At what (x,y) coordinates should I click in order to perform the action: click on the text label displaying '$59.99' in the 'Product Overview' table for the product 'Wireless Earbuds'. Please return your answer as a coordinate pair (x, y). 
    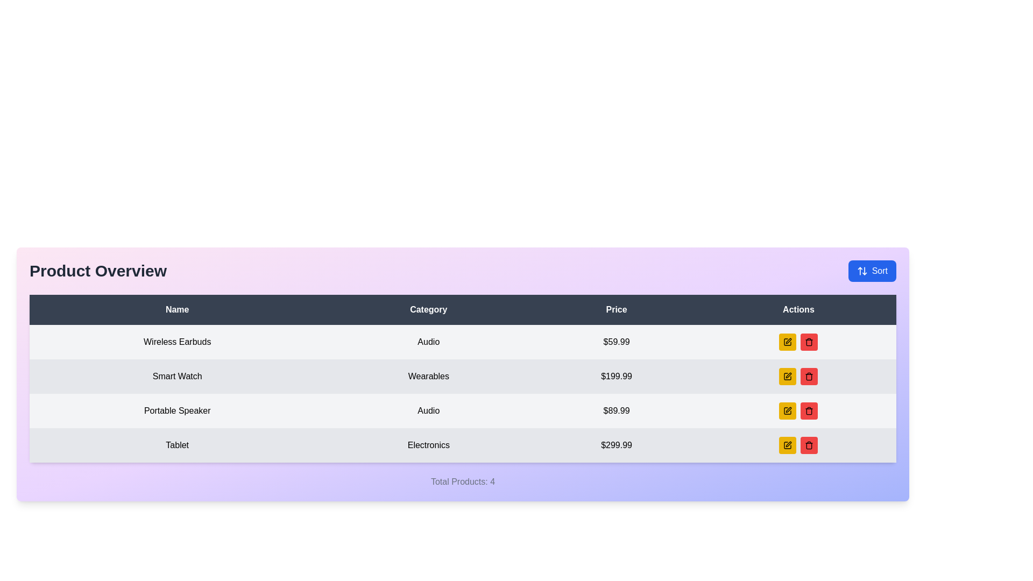
    Looking at the image, I should click on (617, 342).